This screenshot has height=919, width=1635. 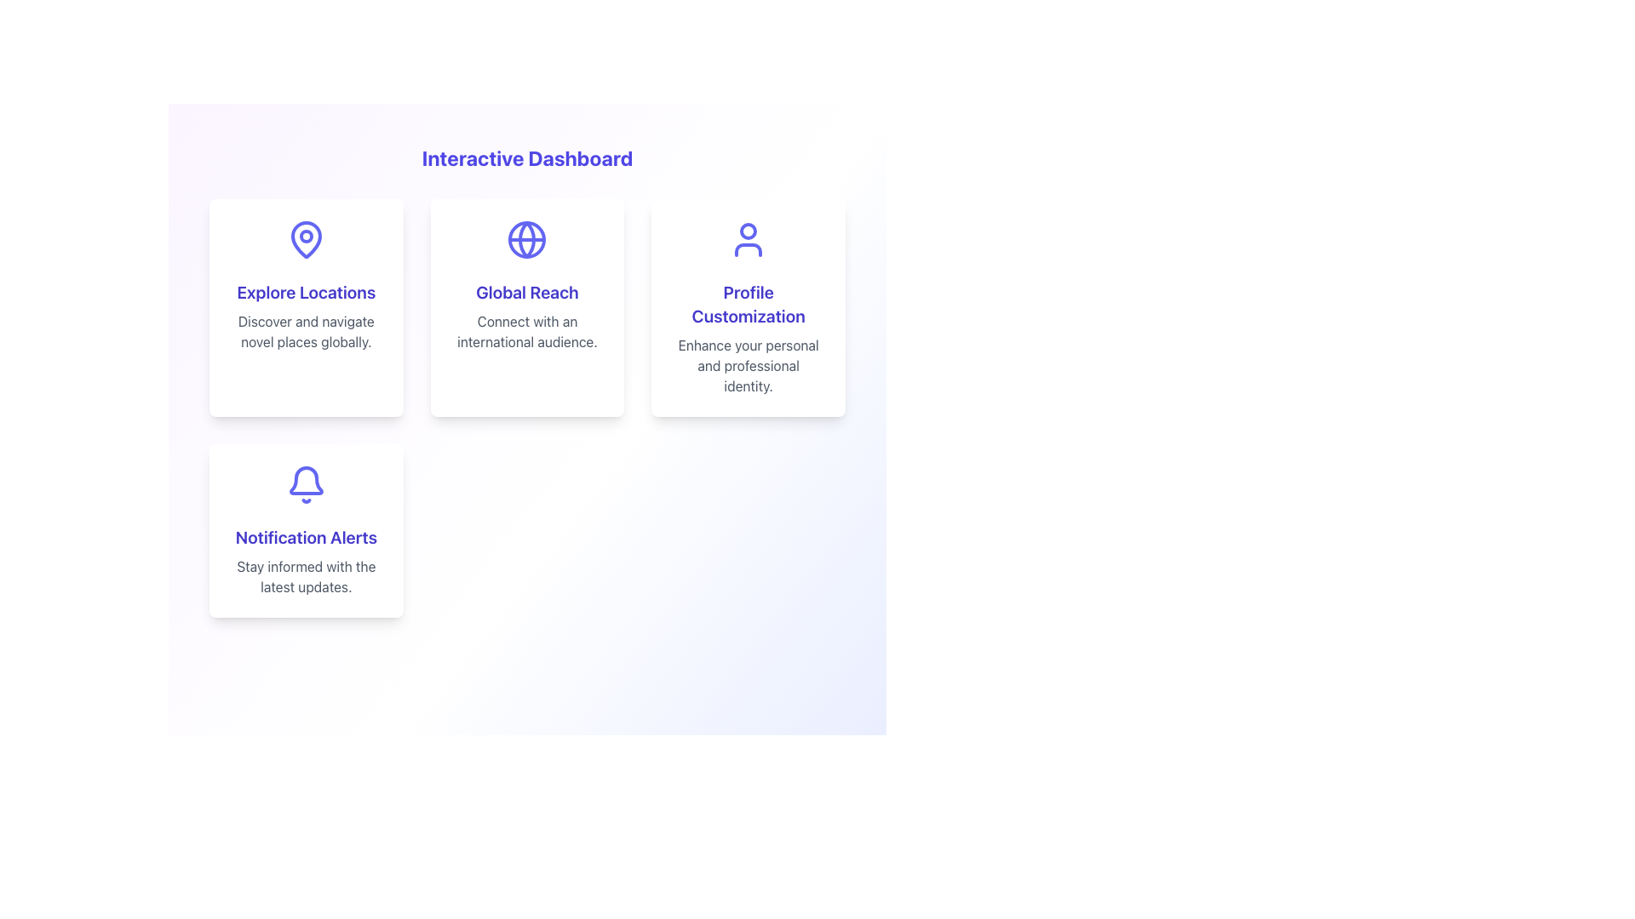 What do you see at coordinates (306, 538) in the screenshot?
I see `'Notification Alerts' heading element, which is a bold, indigo-colored text label centered in the bottom card of a three-card layout` at bounding box center [306, 538].